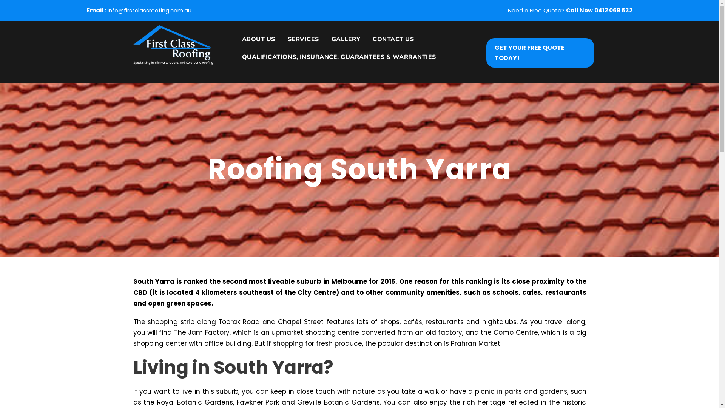 The height and width of the screenshot is (408, 725). Describe the element at coordinates (342, 43) in the screenshot. I see `'GALLERY'` at that location.